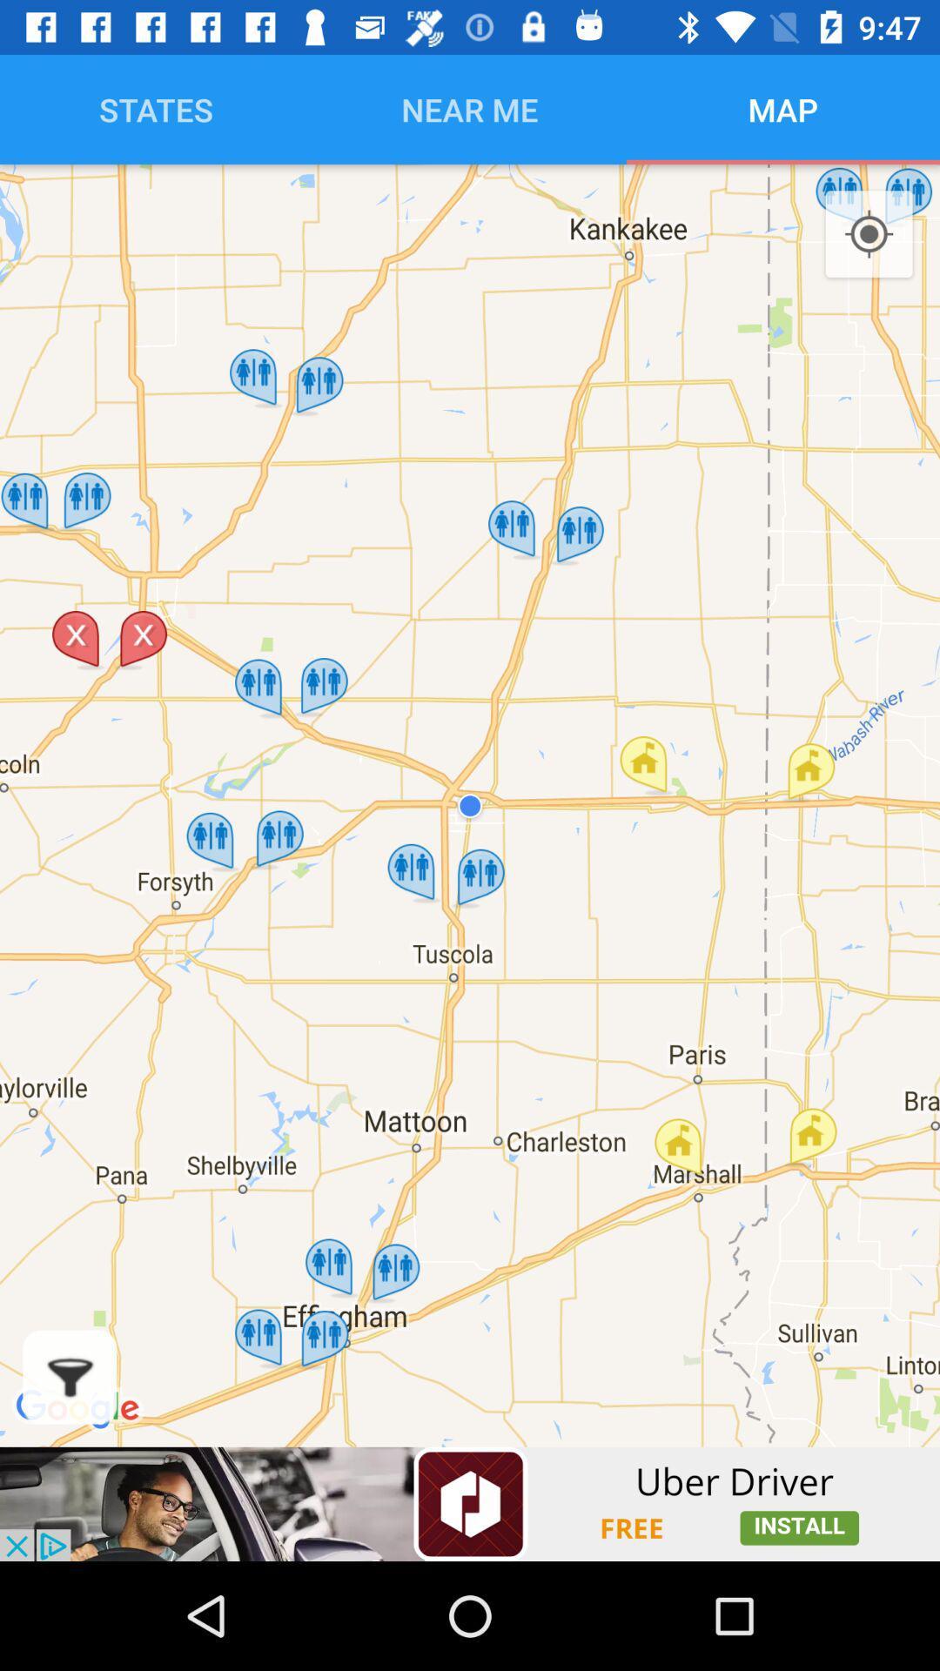  Describe the element at coordinates (470, 1503) in the screenshot. I see `advertisement link` at that location.